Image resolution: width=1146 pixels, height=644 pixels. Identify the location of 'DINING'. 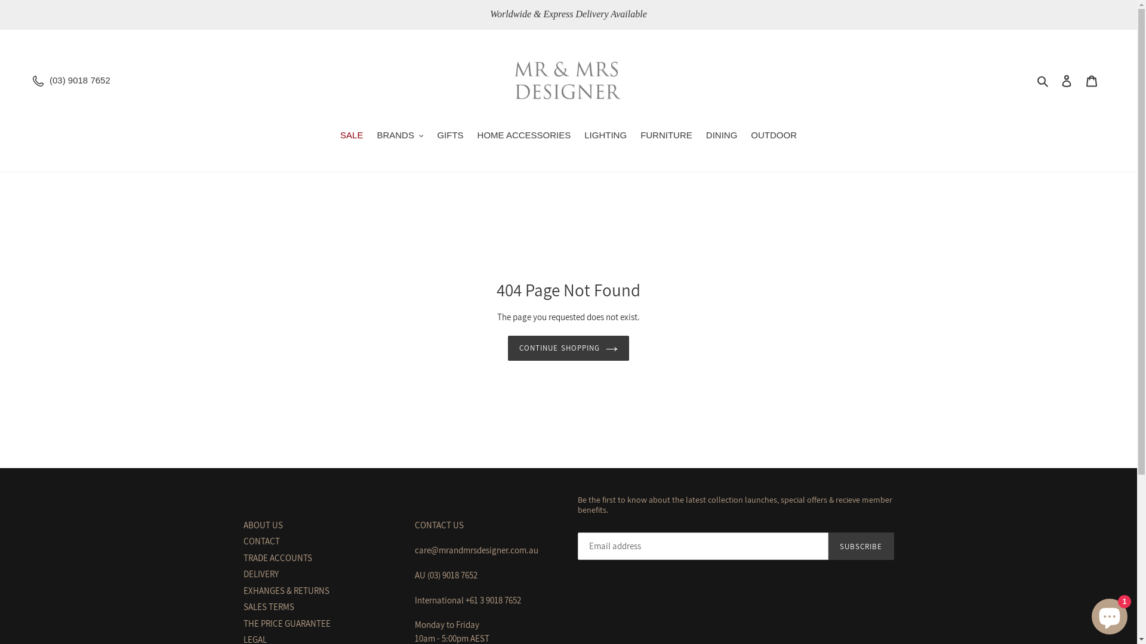
(721, 135).